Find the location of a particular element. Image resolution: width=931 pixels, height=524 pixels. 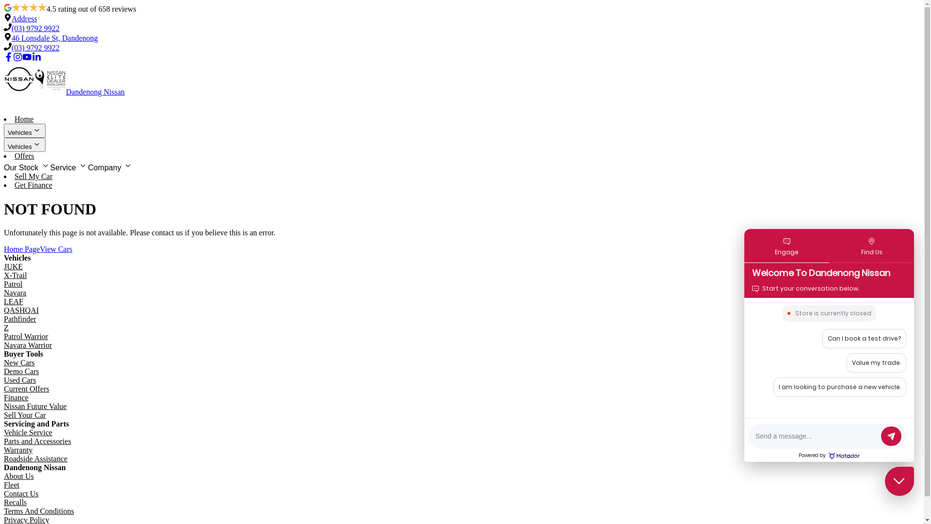

'About Us' is located at coordinates (18, 475).